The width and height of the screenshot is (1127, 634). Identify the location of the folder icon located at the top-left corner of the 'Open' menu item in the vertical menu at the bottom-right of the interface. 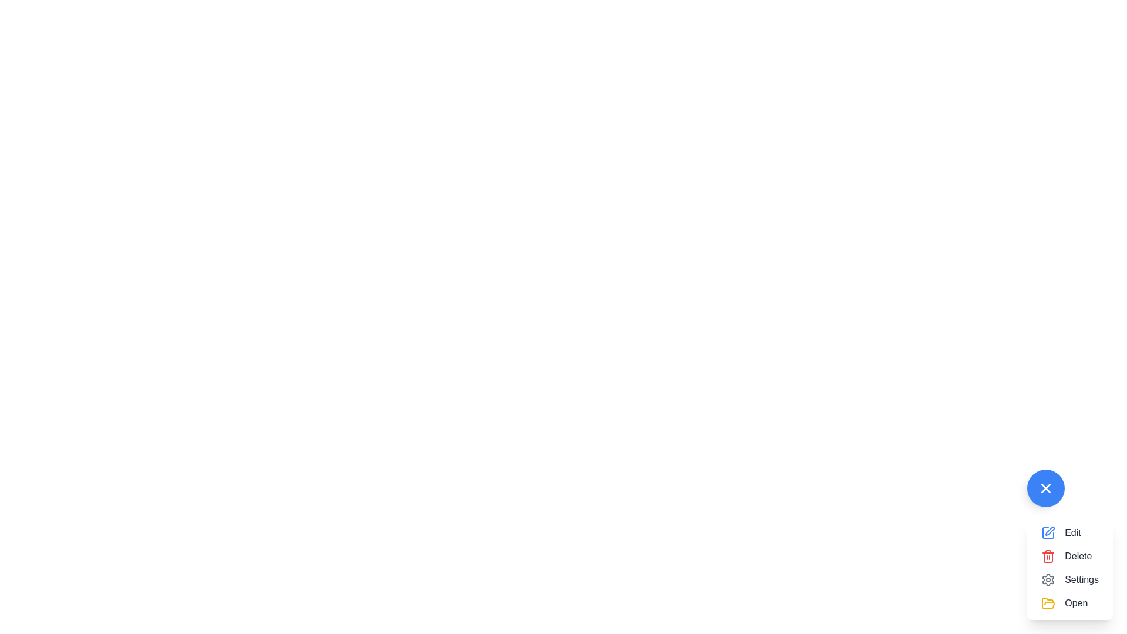
(1048, 603).